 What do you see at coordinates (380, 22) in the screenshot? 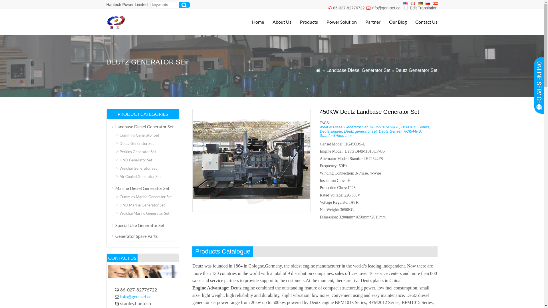
I see `'Our Blog'` at bounding box center [380, 22].